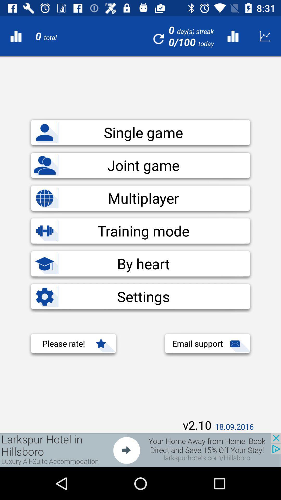 Image resolution: width=281 pixels, height=500 pixels. Describe the element at coordinates (140, 450) in the screenshot. I see `the adversitement` at that location.